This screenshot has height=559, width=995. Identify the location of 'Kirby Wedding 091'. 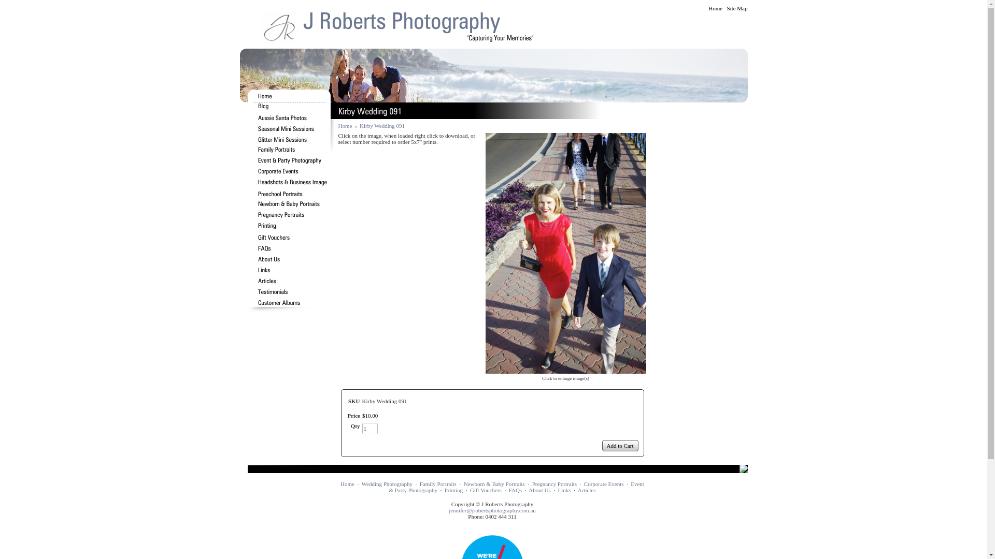
(485, 253).